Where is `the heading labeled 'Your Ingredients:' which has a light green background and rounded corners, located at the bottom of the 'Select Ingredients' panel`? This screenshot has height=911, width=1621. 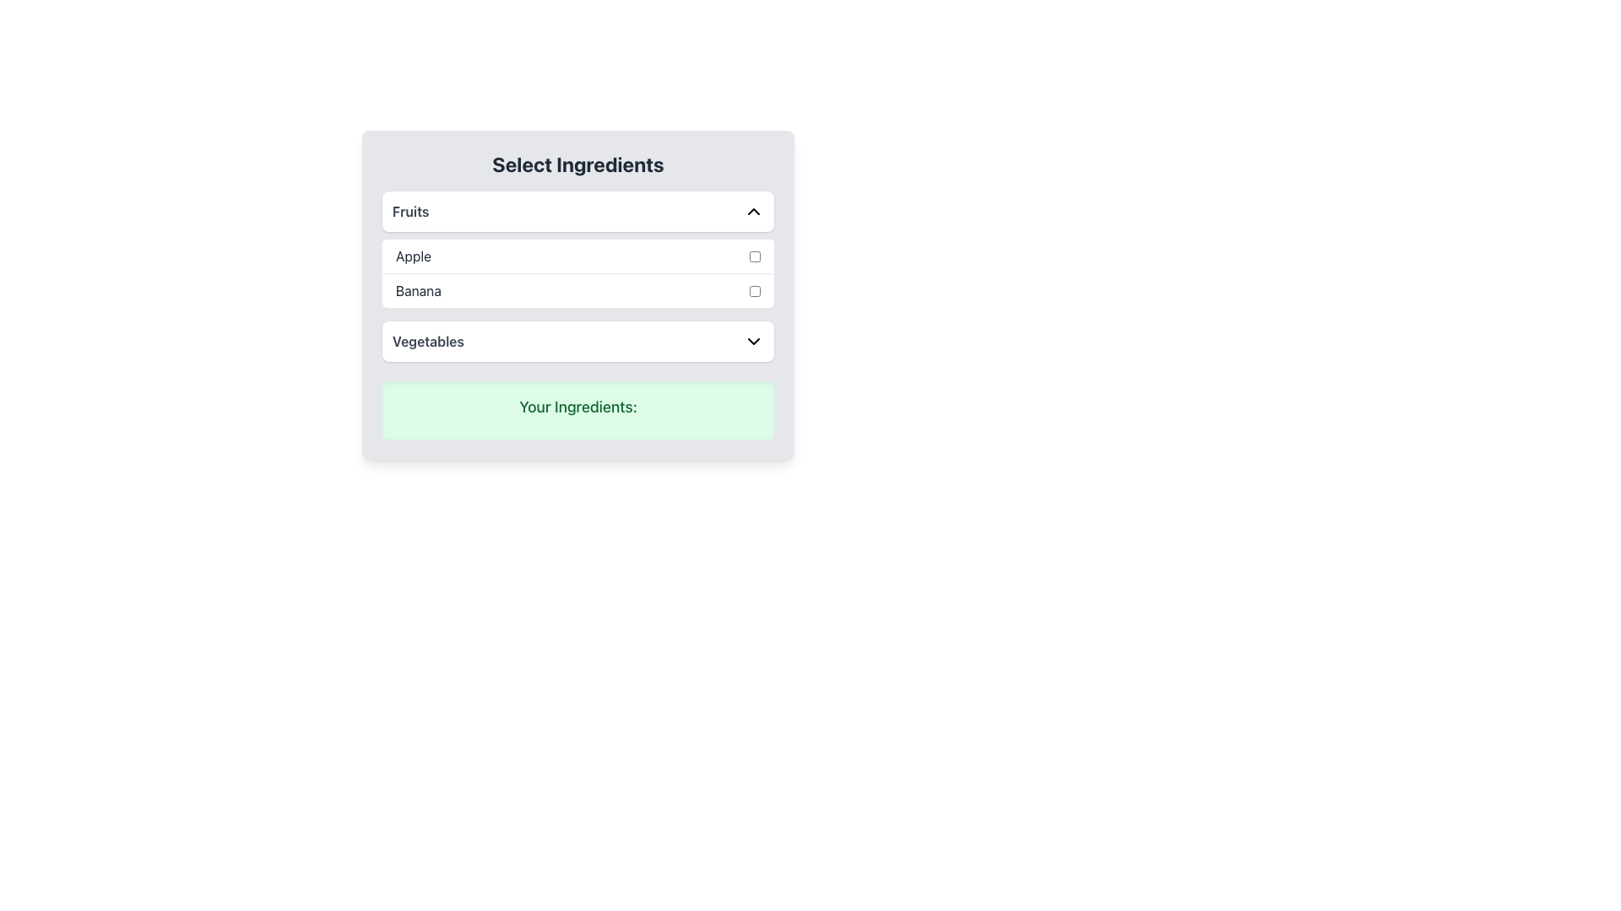 the heading labeled 'Your Ingredients:' which has a light green background and rounded corners, located at the bottom of the 'Select Ingredients' panel is located at coordinates (578, 410).